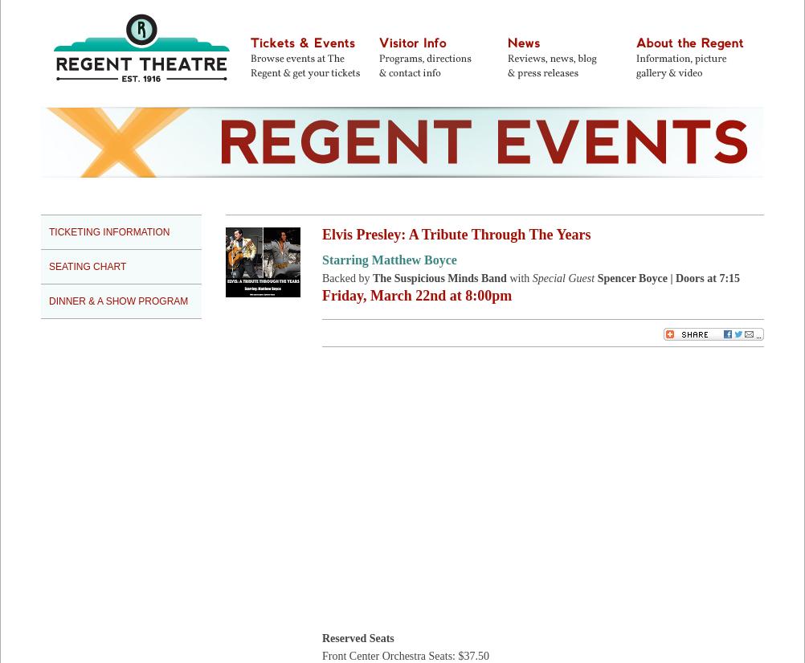 The image size is (805, 663). Describe the element at coordinates (117, 301) in the screenshot. I see `'Dinner & a Show Program'` at that location.